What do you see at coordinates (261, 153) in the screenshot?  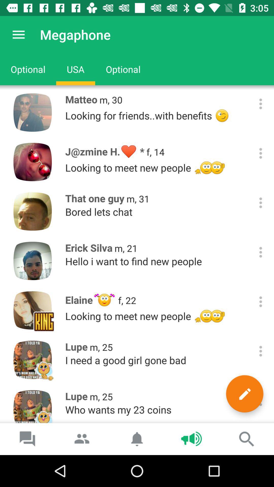 I see `apps` at bounding box center [261, 153].